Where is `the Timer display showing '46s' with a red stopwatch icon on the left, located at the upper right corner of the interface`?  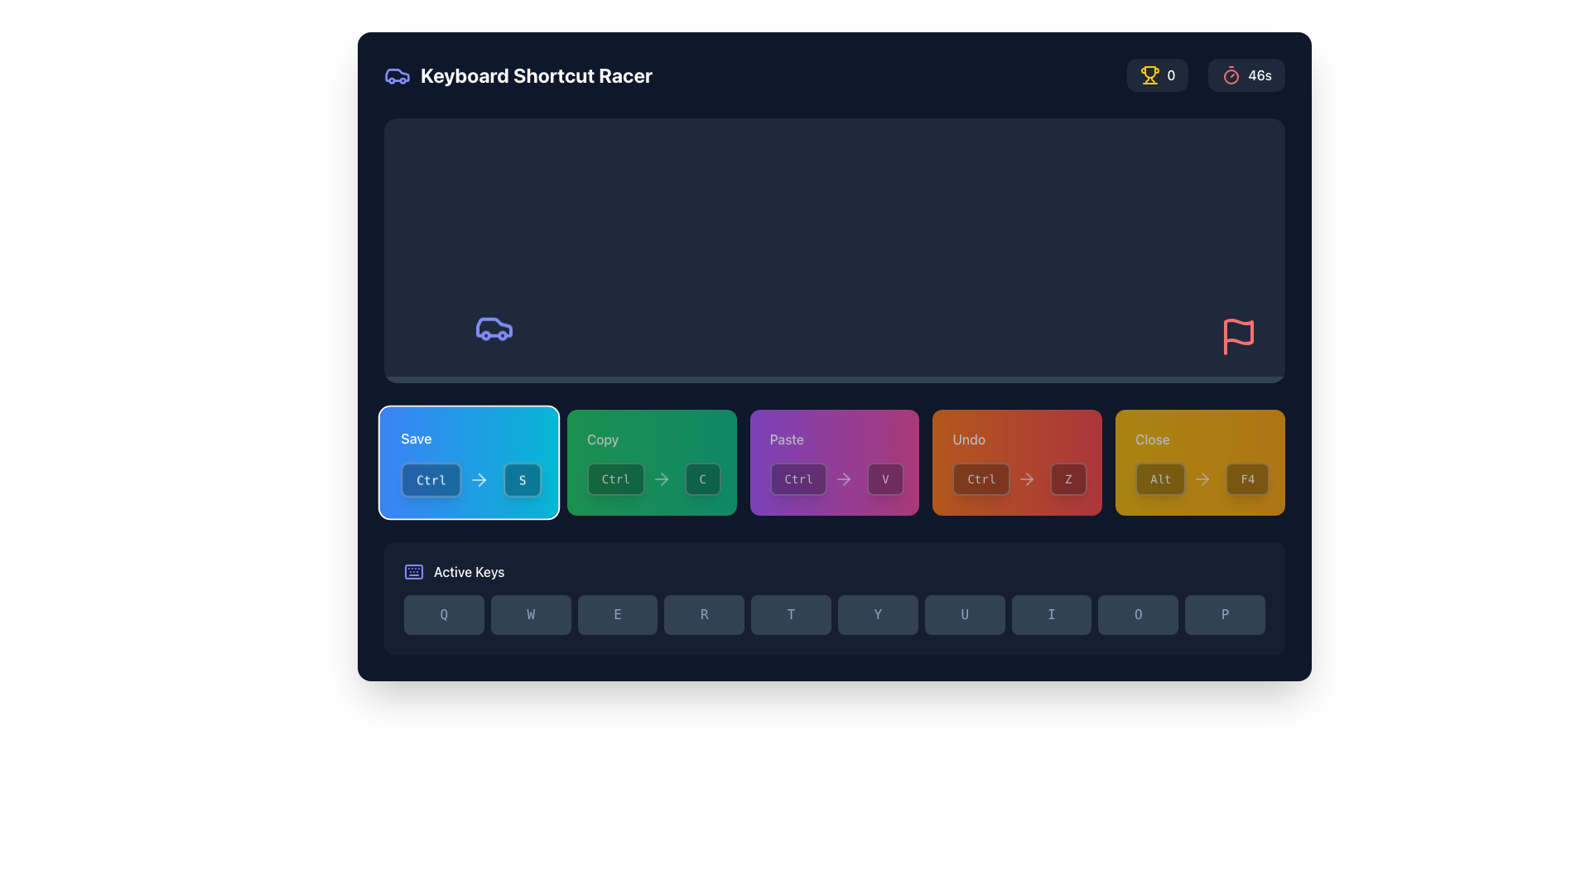
the Timer display showing '46s' with a red stopwatch icon on the left, located at the upper right corner of the interface is located at coordinates (1206, 75).